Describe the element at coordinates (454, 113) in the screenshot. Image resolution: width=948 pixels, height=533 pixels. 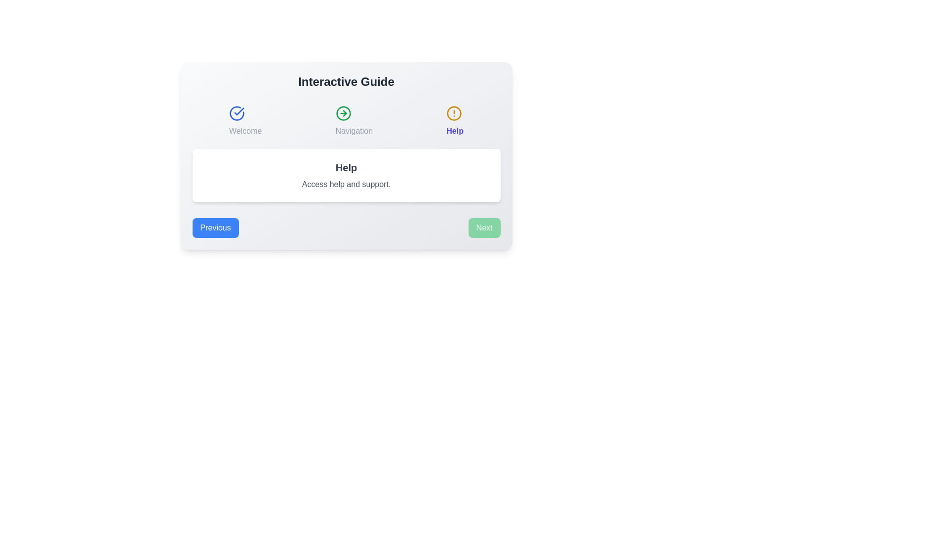
I see `the circular icon with a thin yellow border and a white interior that contains a centered yellow exclamation mark, located within the 'Help' icon on the right-hand side of the top section of the 'Interactive Guide' interface` at that location.